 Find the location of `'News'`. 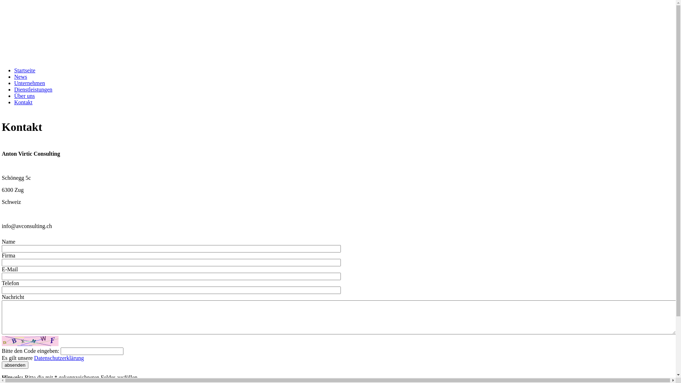

'News' is located at coordinates (20, 77).